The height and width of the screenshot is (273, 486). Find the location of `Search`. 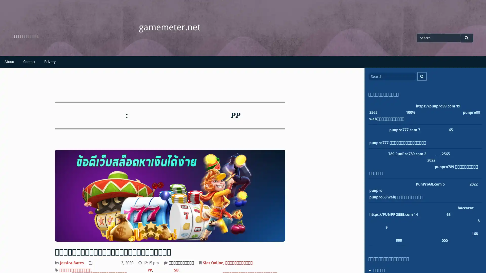

Search is located at coordinates (422, 76).